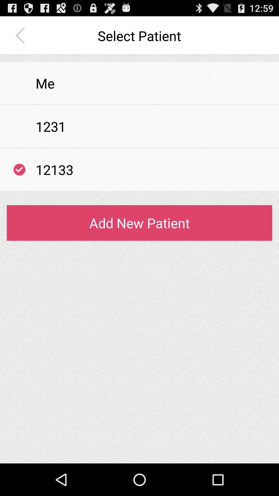 This screenshot has height=496, width=279. What do you see at coordinates (139, 223) in the screenshot?
I see `add new patient item` at bounding box center [139, 223].